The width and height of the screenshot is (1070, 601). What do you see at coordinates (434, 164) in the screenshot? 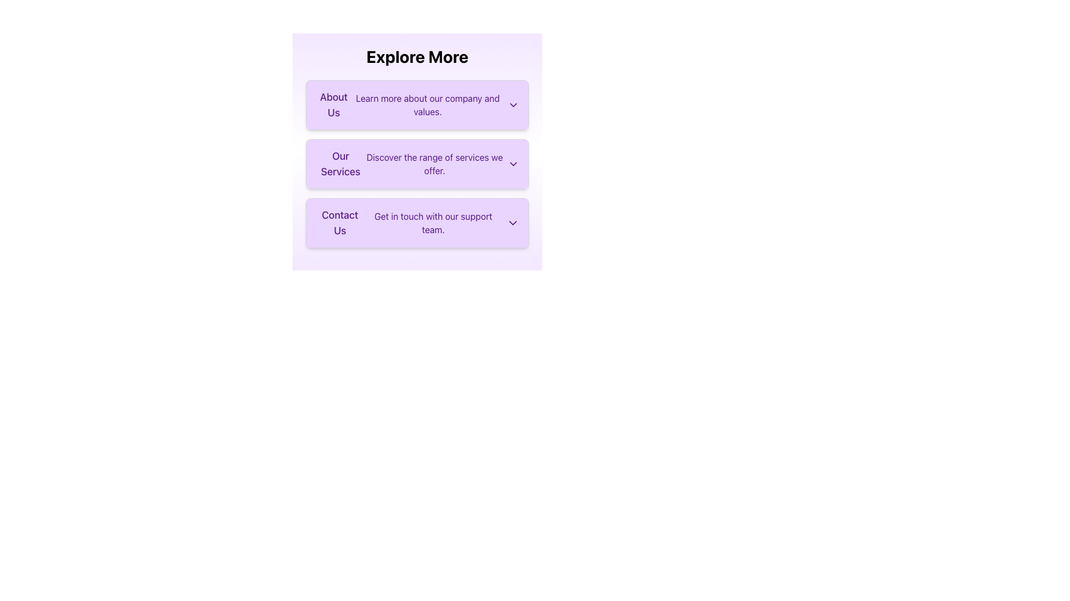
I see `the text element reading 'Discover the range of services we offer.' which is located beneath the title 'Our Services' and has a light purple background` at bounding box center [434, 164].